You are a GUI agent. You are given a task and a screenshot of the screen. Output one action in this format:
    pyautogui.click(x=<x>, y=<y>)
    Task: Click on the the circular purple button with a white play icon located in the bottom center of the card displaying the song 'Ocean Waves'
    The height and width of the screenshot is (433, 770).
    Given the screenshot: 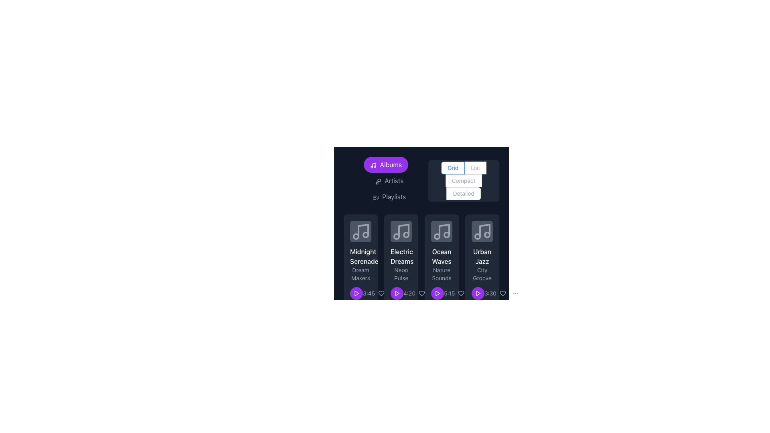 What is the action you would take?
    pyautogui.click(x=437, y=293)
    